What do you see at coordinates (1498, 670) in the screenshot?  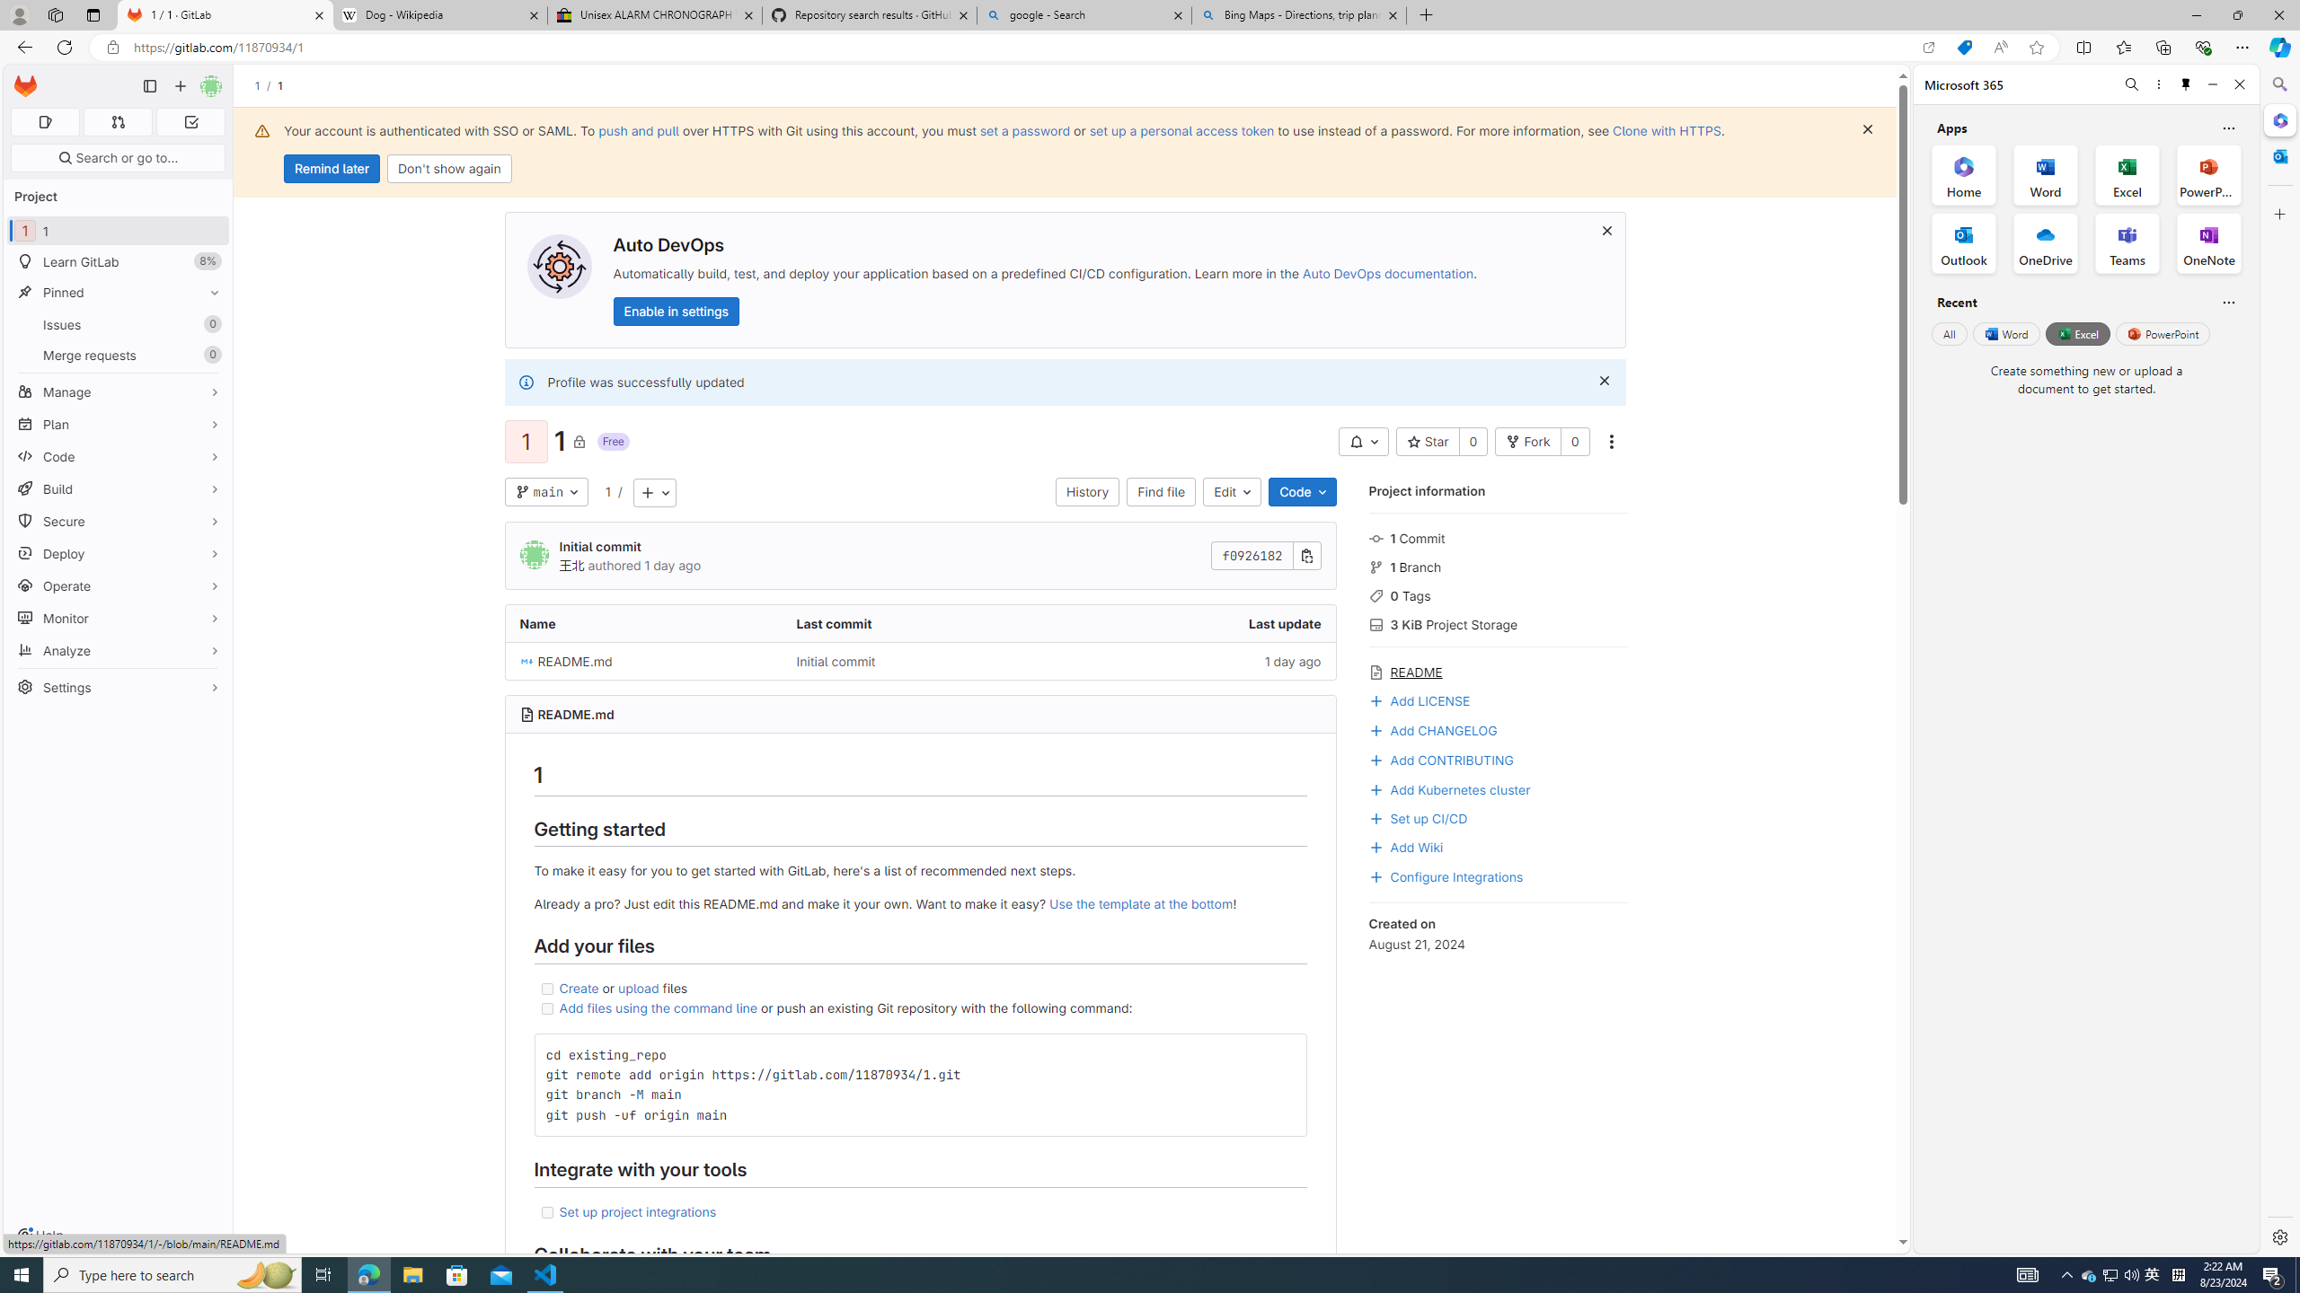 I see `'README'` at bounding box center [1498, 670].